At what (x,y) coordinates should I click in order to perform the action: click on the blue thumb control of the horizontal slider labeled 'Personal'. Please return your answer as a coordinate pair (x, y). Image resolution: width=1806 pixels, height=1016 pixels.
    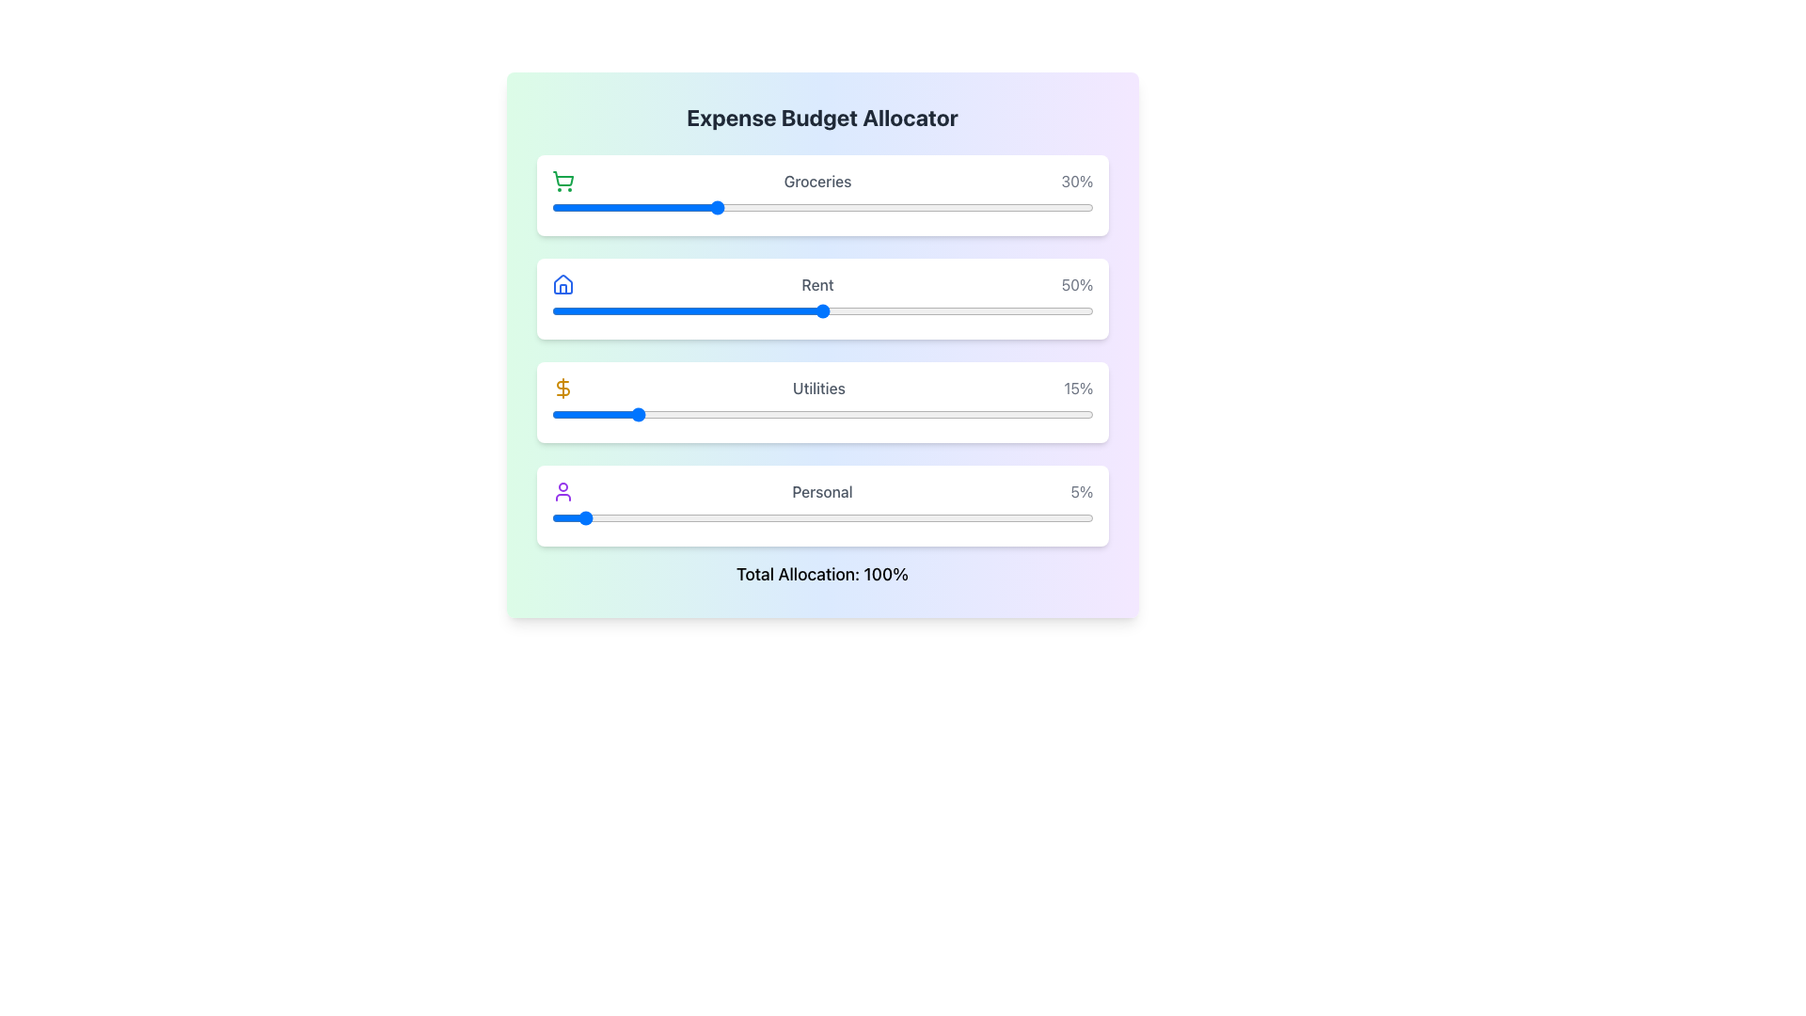
    Looking at the image, I should click on (822, 518).